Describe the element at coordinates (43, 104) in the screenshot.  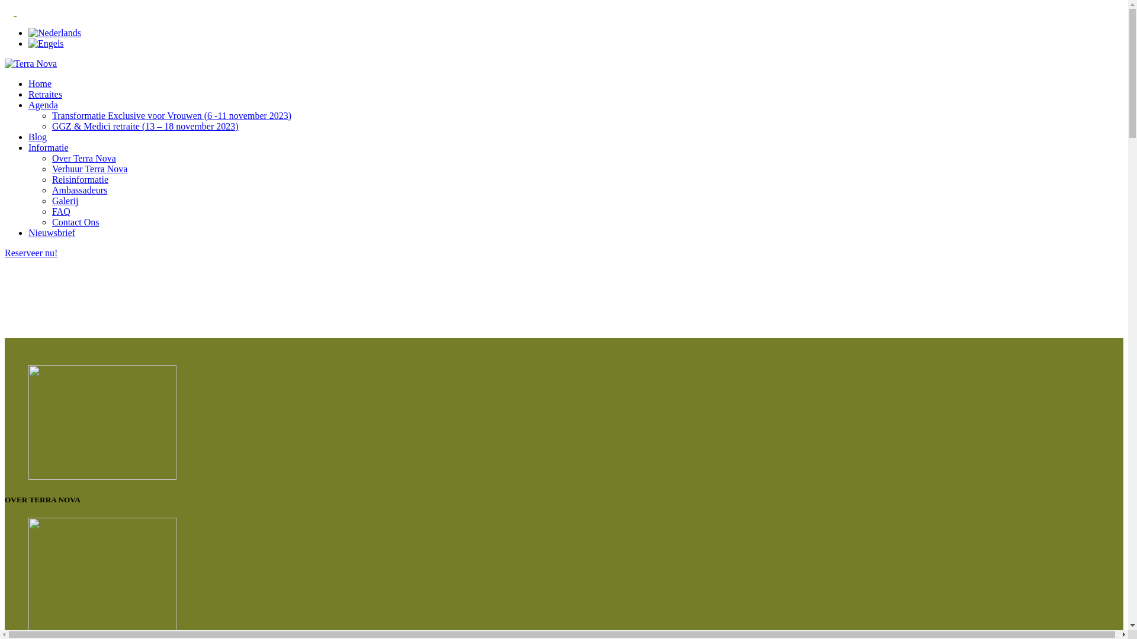
I see `'Agenda'` at that location.